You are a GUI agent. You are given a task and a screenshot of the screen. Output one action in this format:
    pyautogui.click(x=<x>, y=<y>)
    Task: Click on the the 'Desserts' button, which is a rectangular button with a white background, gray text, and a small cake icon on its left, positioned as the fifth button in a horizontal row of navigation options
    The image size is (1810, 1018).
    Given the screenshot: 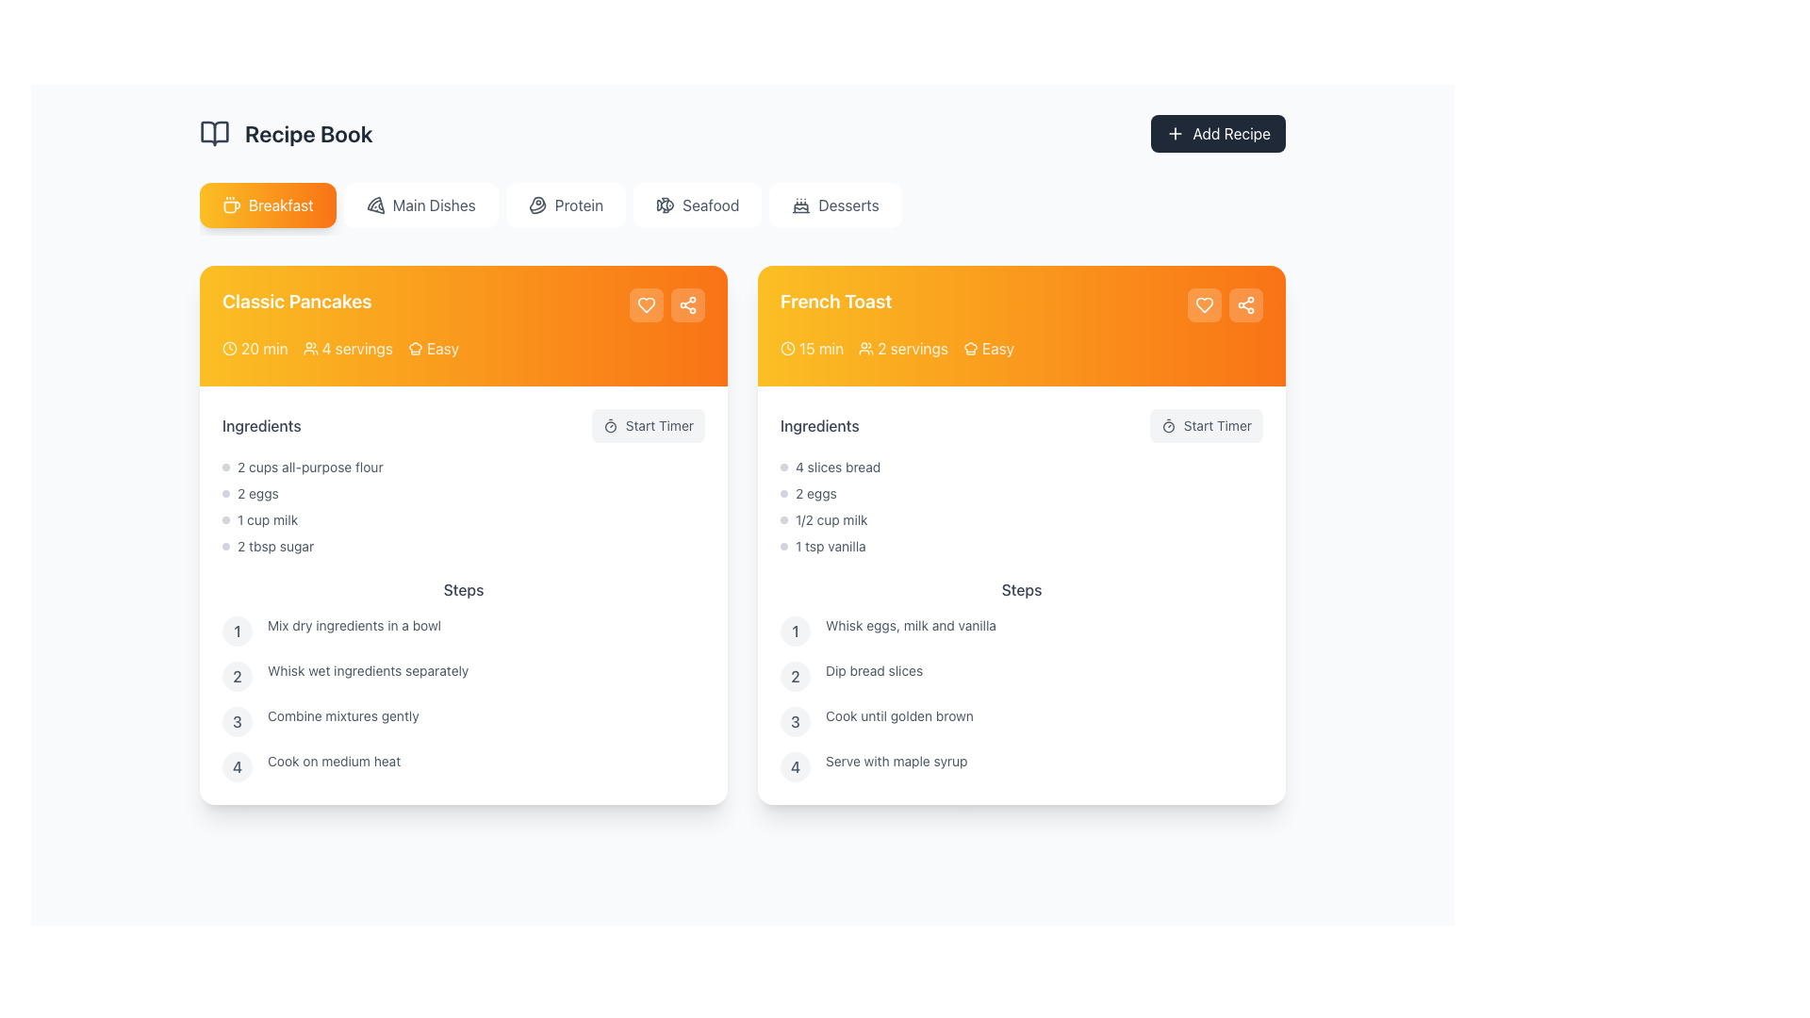 What is the action you would take?
    pyautogui.click(x=834, y=205)
    